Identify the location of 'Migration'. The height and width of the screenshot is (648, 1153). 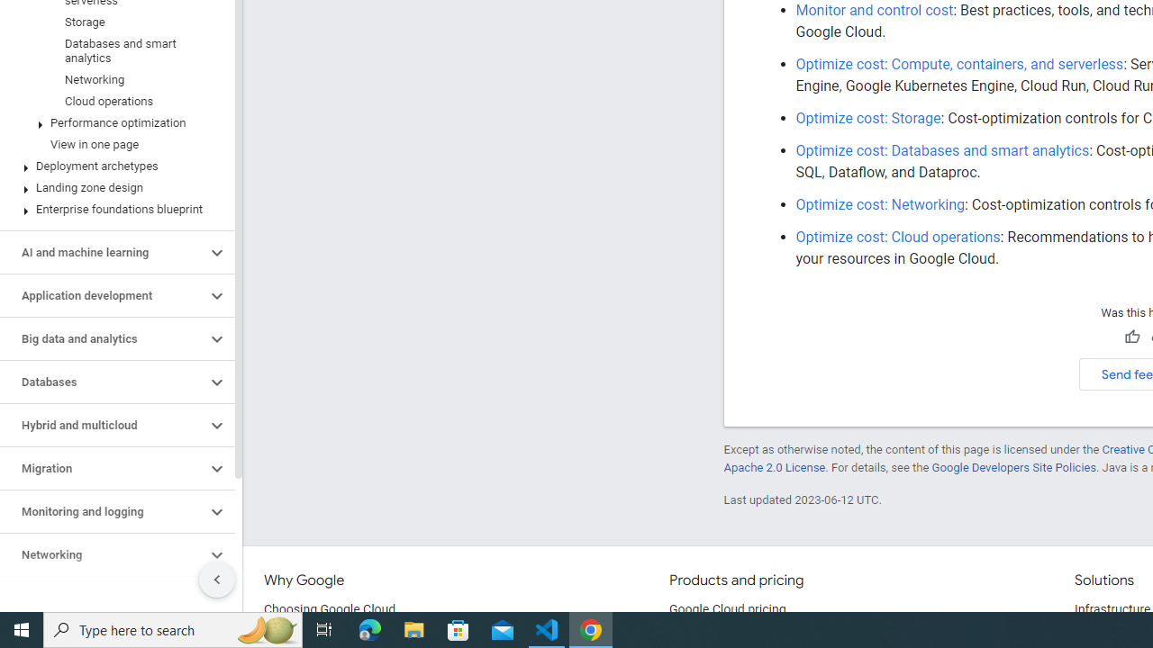
(102, 467).